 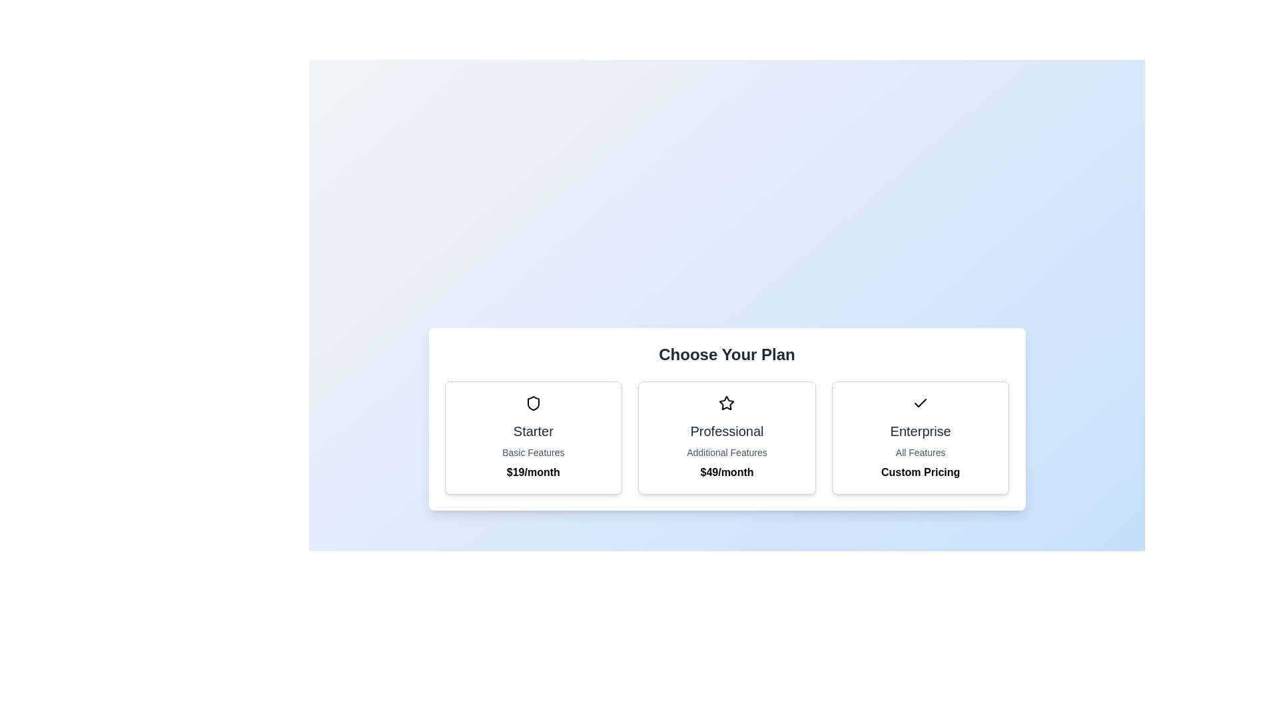 I want to click on the 'Custom Pricing' text label, which is styled in bold and located at the bottom of the 'Enterprise' plan card, centered horizontally within the card, so click(x=920, y=471).